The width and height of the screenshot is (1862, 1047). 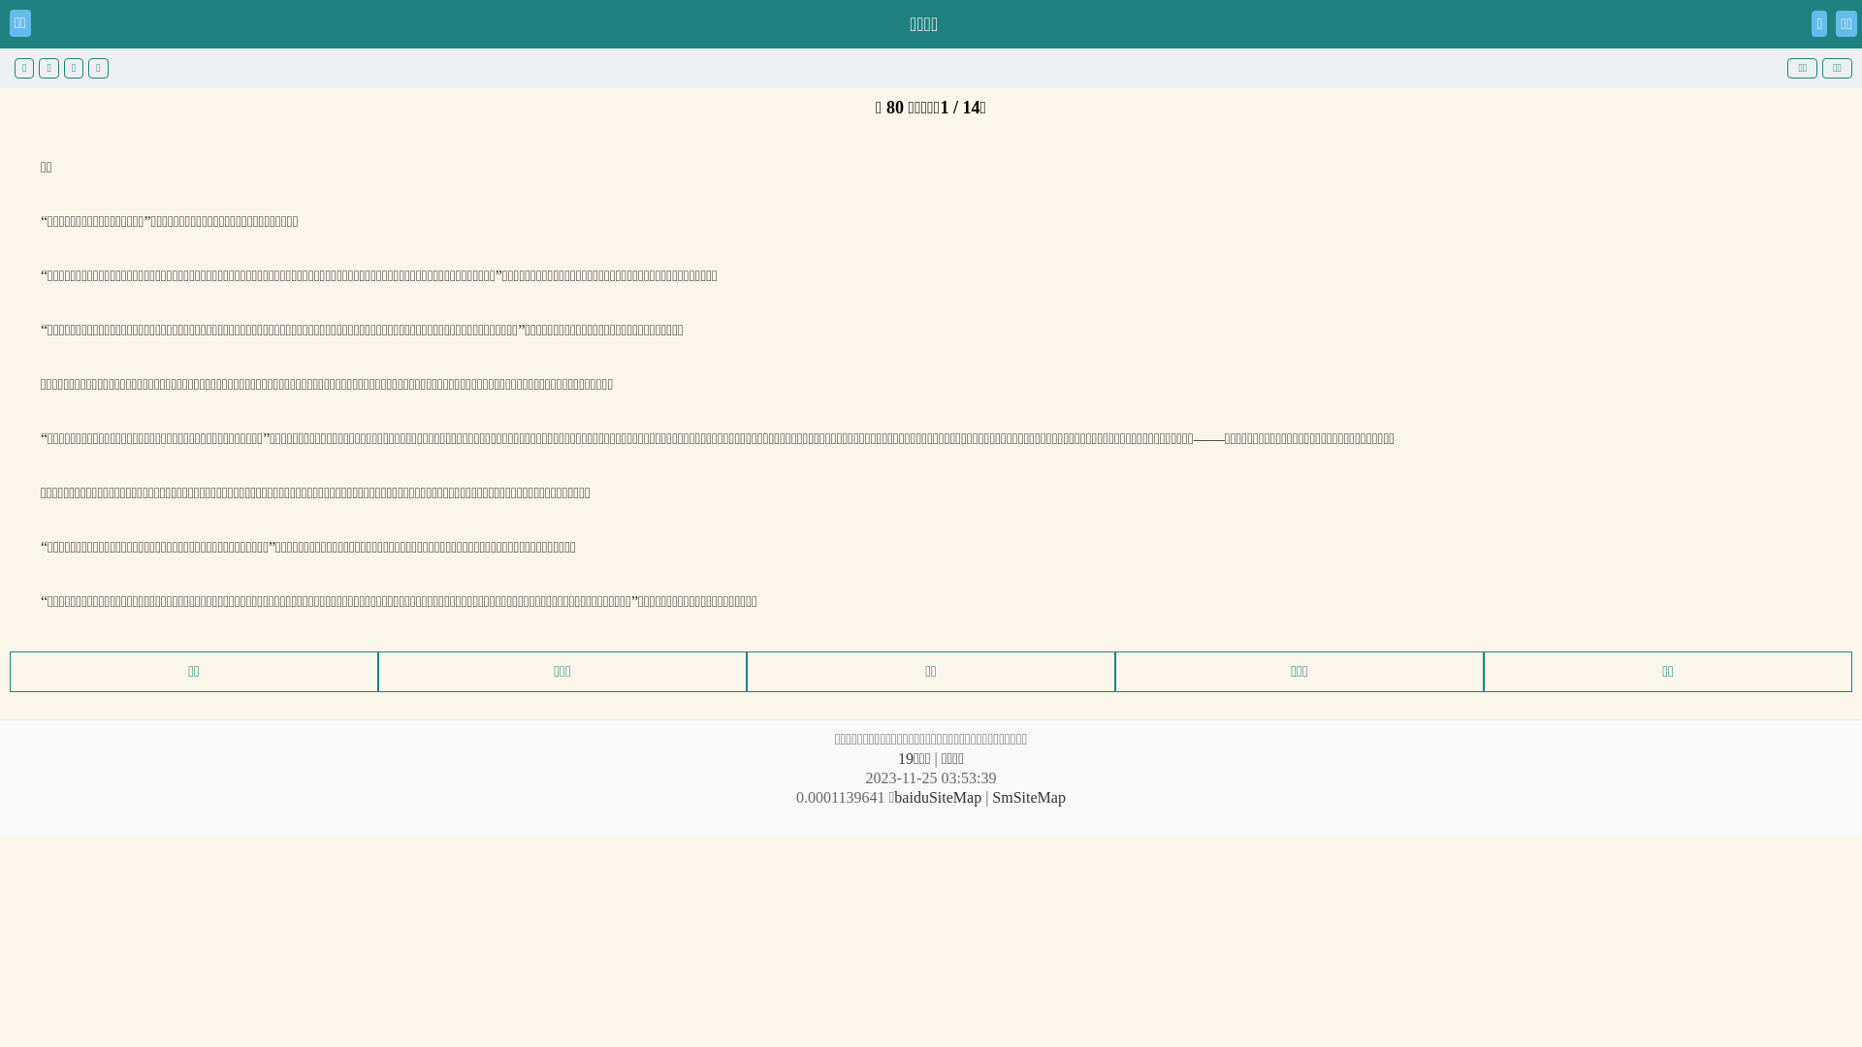 What do you see at coordinates (937, 797) in the screenshot?
I see `'baiduSiteMap'` at bounding box center [937, 797].